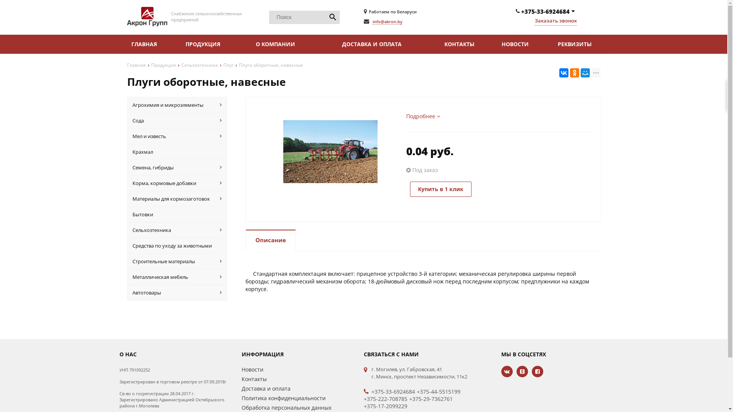 This screenshot has height=412, width=733. I want to click on 'search', so click(333, 17).